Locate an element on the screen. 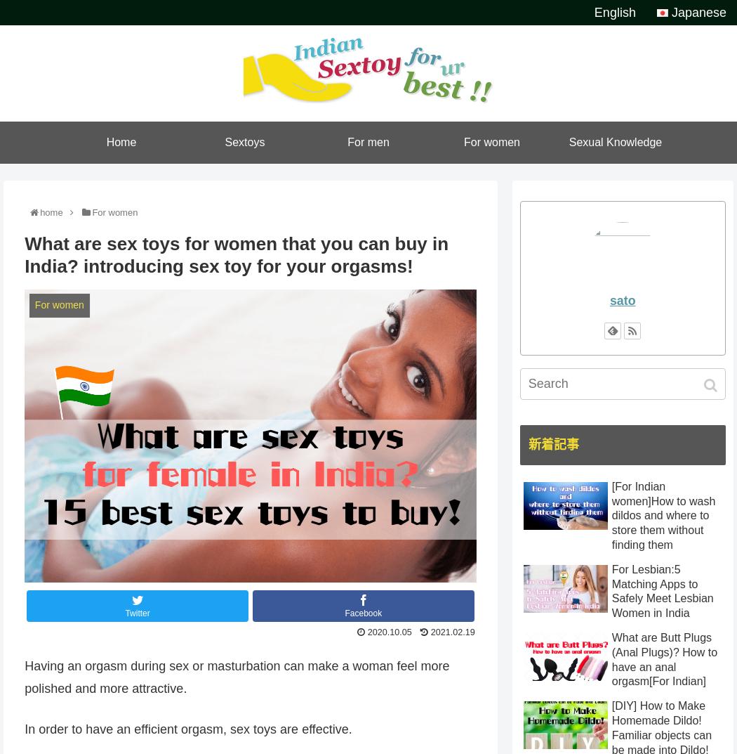 Image resolution: width=737 pixels, height=754 pixels. 'English' is located at coordinates (613, 12).